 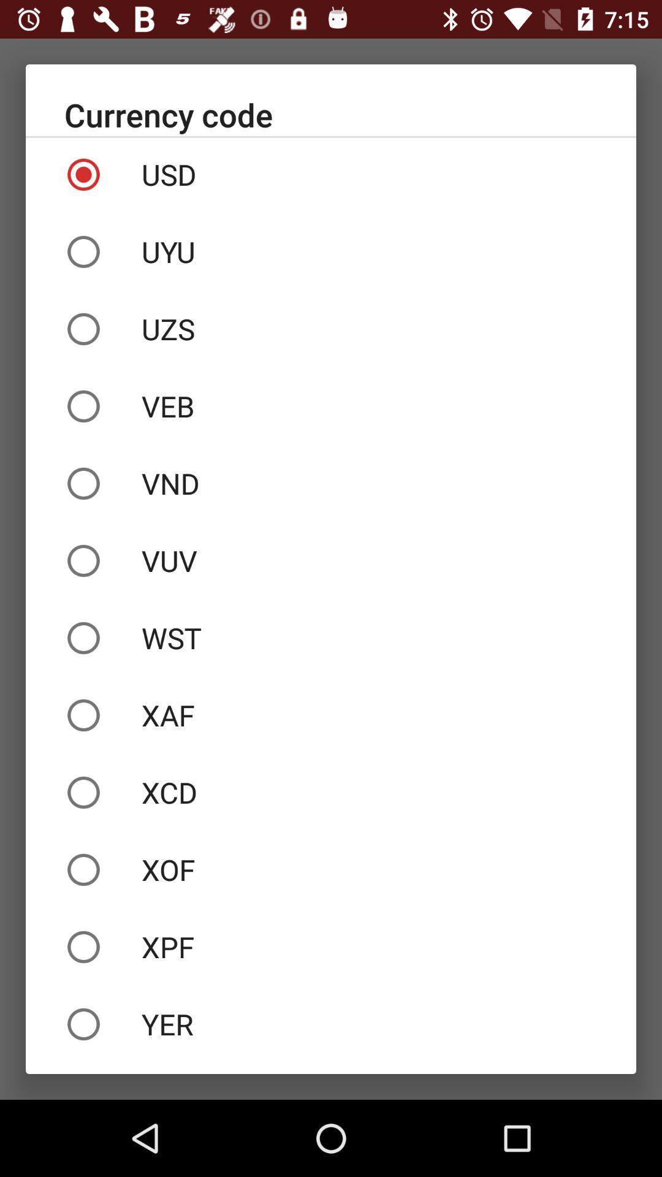 What do you see at coordinates (331, 406) in the screenshot?
I see `the veb icon` at bounding box center [331, 406].